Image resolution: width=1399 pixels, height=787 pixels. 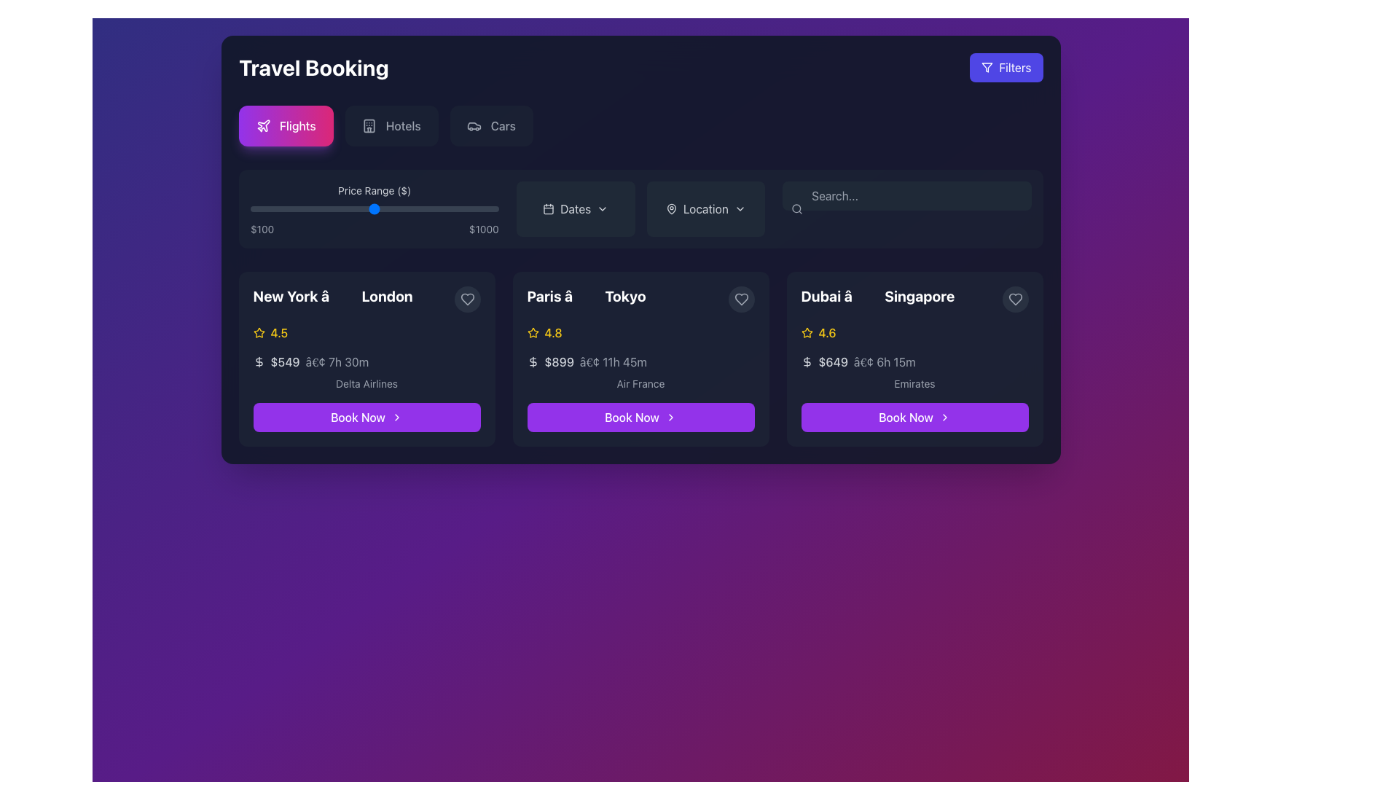 What do you see at coordinates (914, 383) in the screenshot?
I see `the airline label located within the flight route card from Dubai to Singapore, positioned below the price and duration information` at bounding box center [914, 383].